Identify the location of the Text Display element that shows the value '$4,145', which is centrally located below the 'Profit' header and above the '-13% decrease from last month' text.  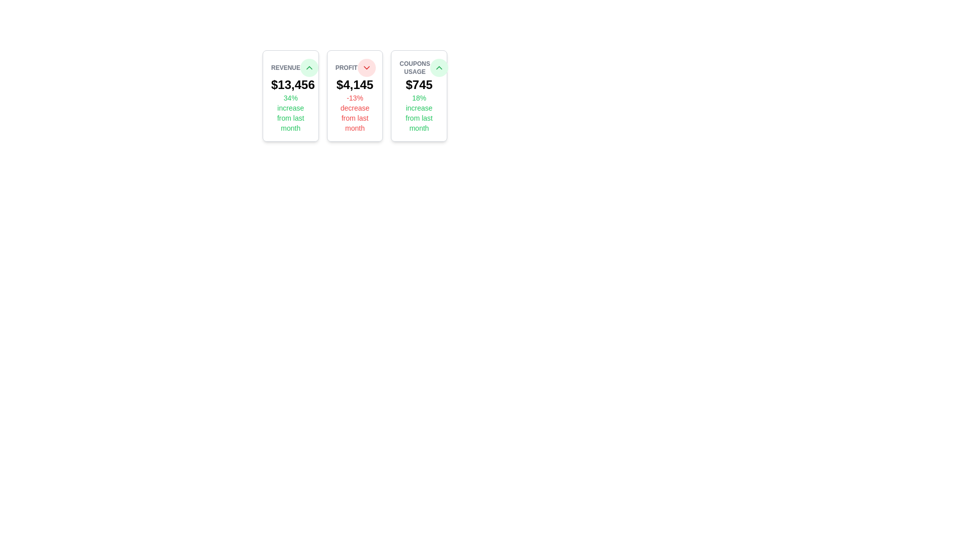
(355, 84).